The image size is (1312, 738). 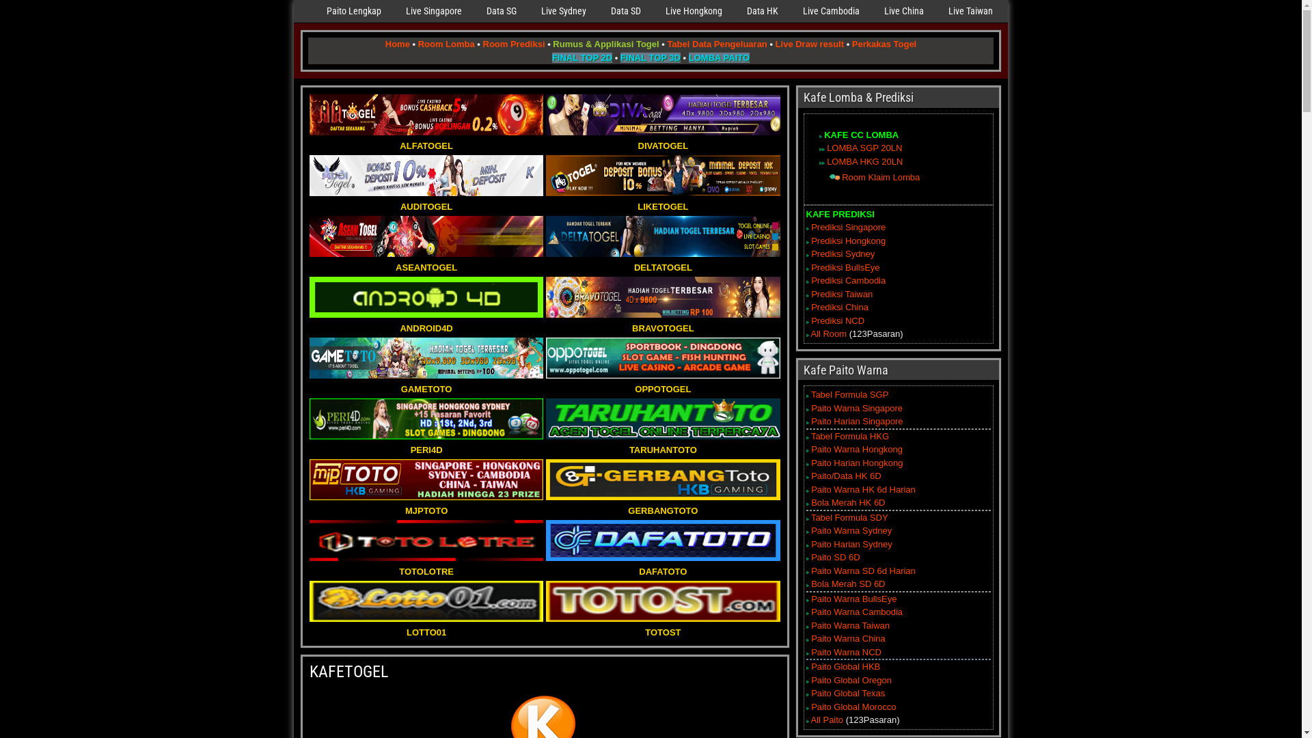 I want to click on 'Live Taiwan', so click(x=935, y=11).